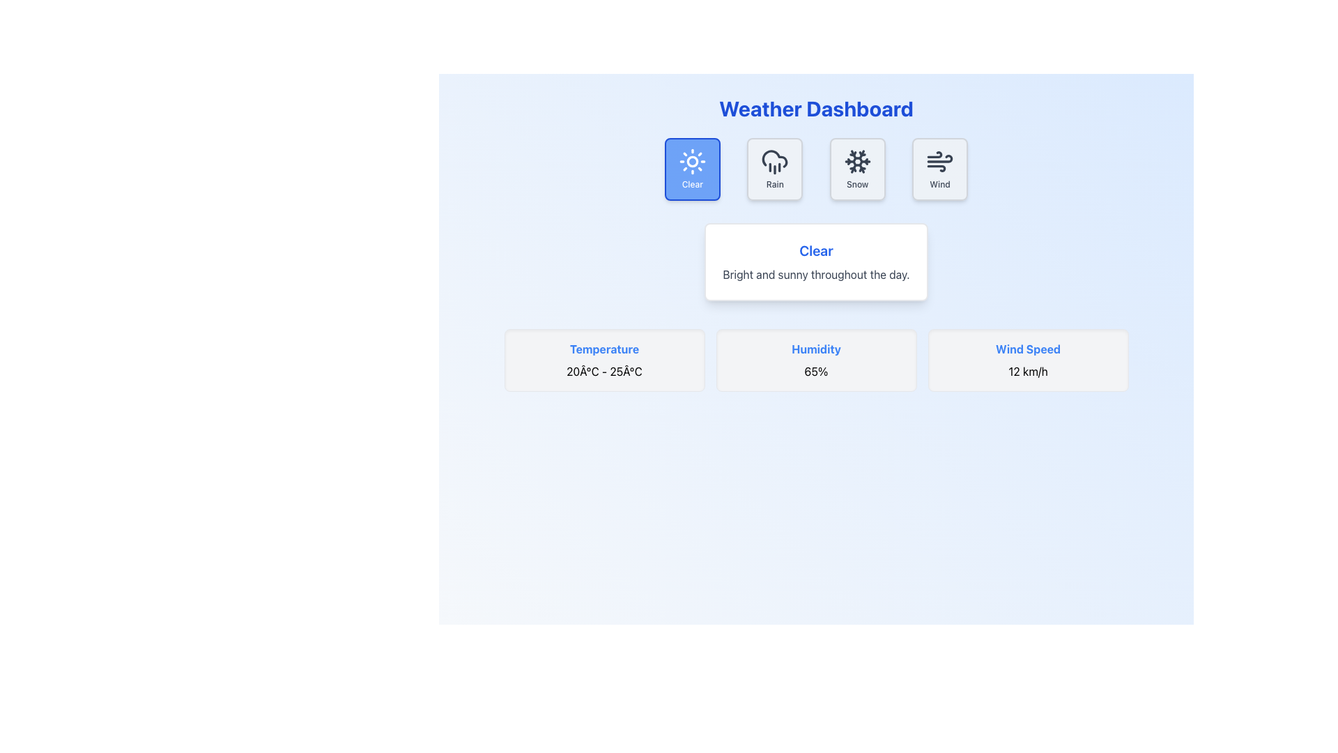  Describe the element at coordinates (692, 160) in the screenshot. I see `the circular element at the center of the sun icon indicating 'Clear' weather condition, located beneath the 'Weather Dashboard' title` at that location.